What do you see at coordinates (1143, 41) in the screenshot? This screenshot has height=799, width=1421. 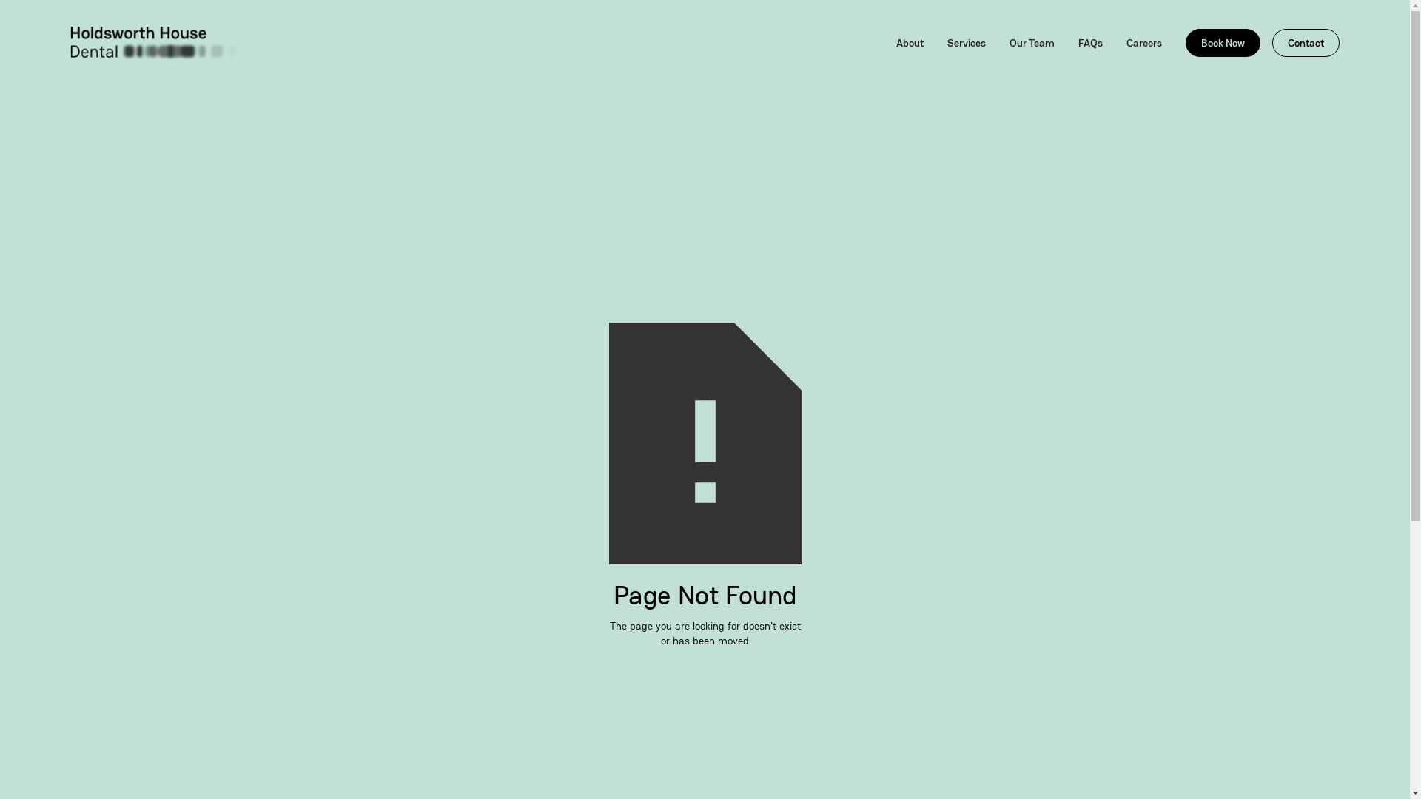 I see `'Careers'` at bounding box center [1143, 41].